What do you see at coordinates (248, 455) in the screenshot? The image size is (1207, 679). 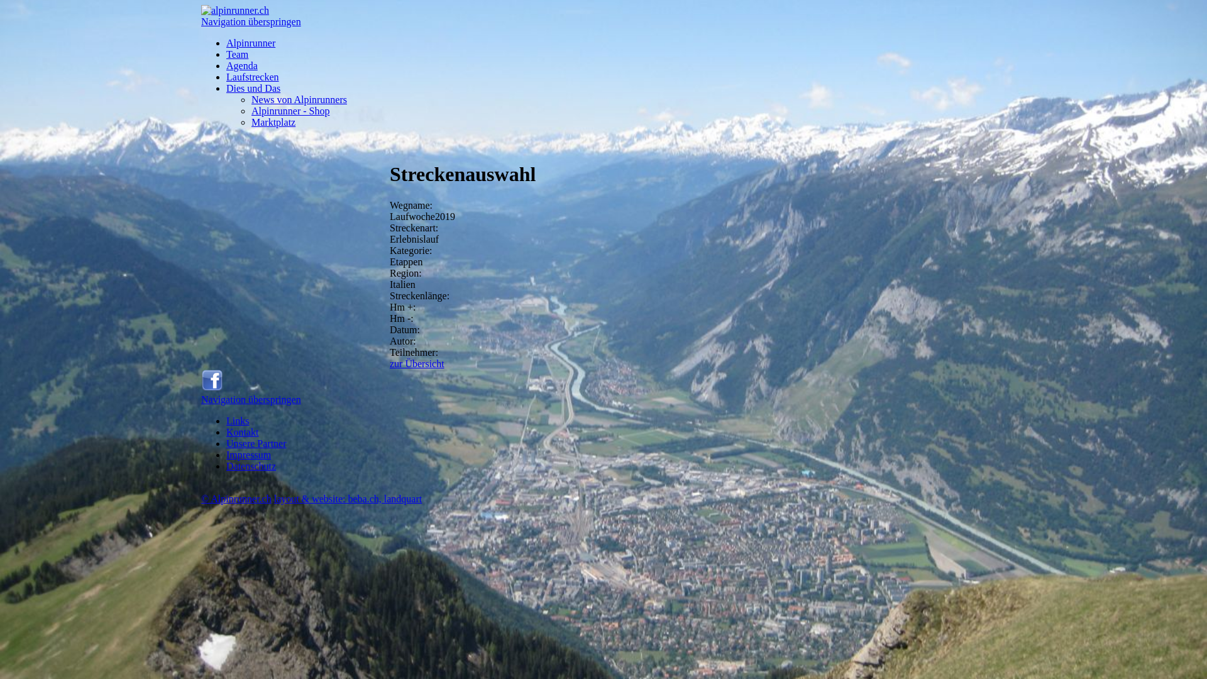 I see `'Impressum'` at bounding box center [248, 455].